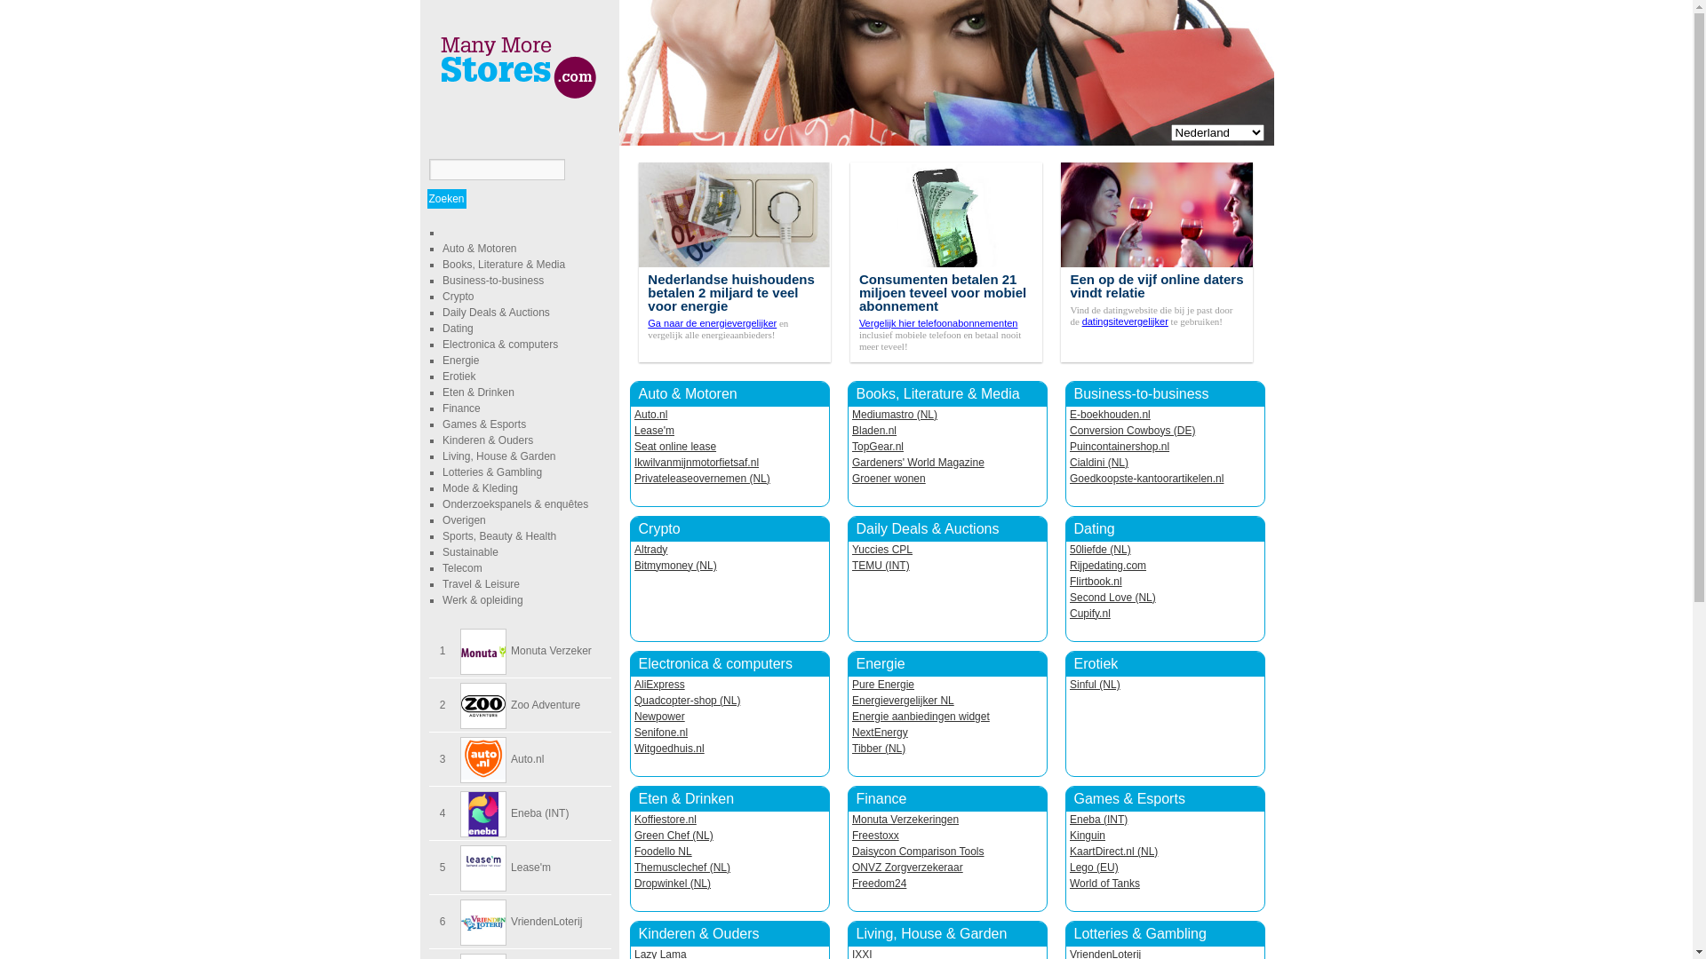 The image size is (1706, 959). I want to click on 'Games & Esports', so click(484, 424).